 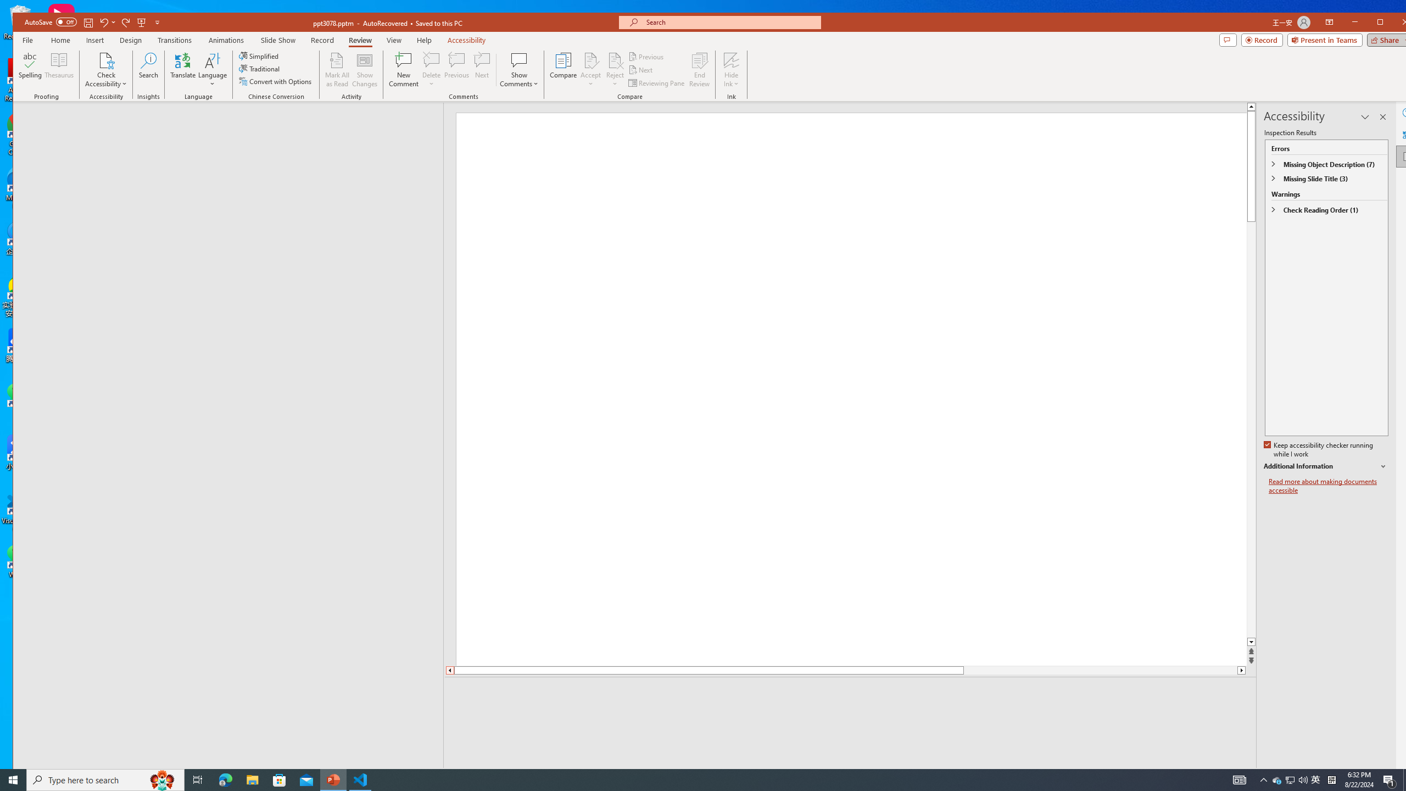 What do you see at coordinates (699, 69) in the screenshot?
I see `'End Review'` at bounding box center [699, 69].